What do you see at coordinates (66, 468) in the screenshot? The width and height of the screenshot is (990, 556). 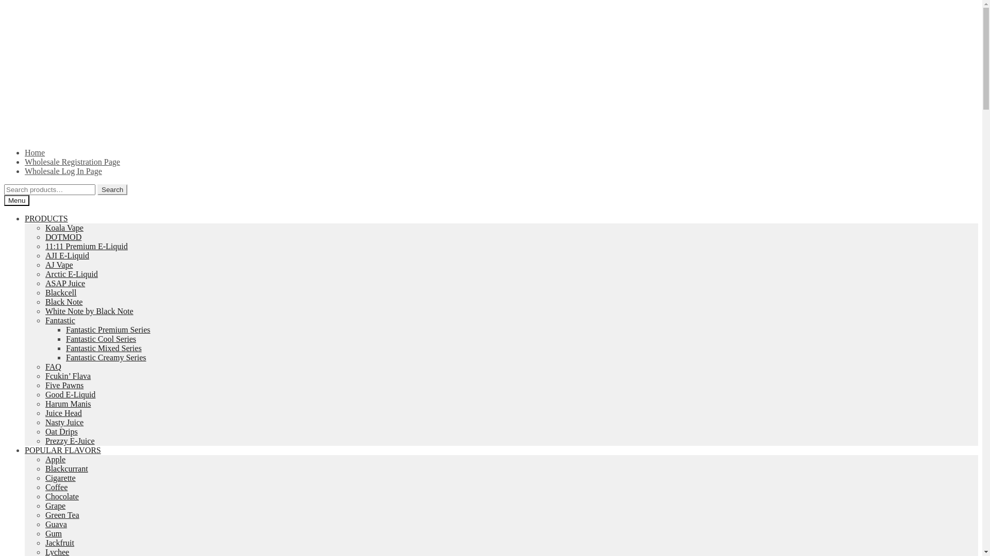 I see `'Blackcurrant'` at bounding box center [66, 468].